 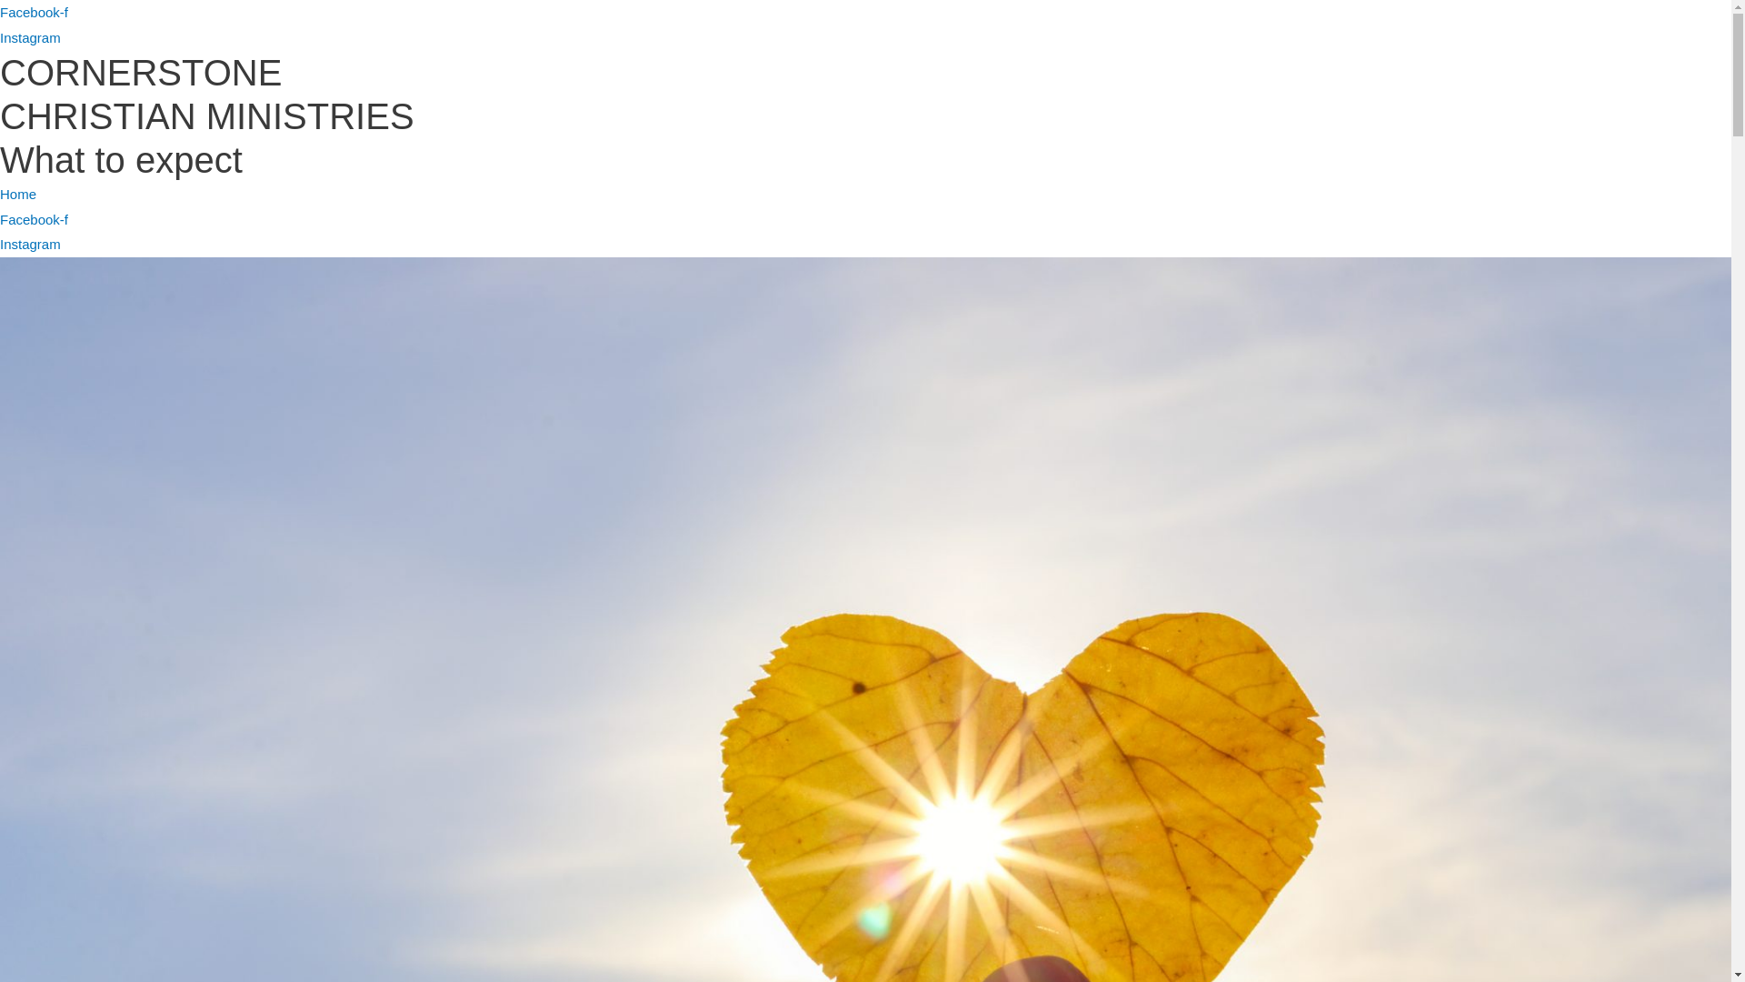 What do you see at coordinates (30, 243) in the screenshot?
I see `'Instagram'` at bounding box center [30, 243].